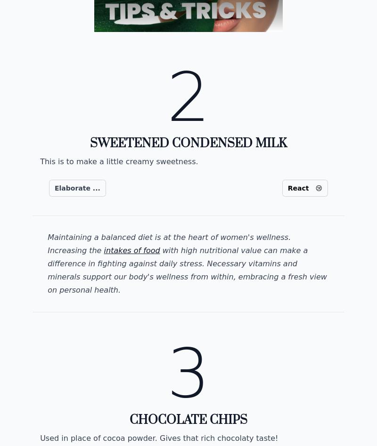  What do you see at coordinates (188, 419) in the screenshot?
I see `'Chocolate Chips'` at bounding box center [188, 419].